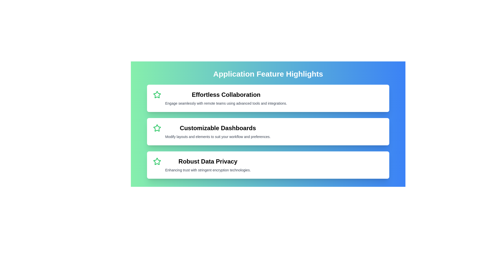  Describe the element at coordinates (226, 95) in the screenshot. I see `the headline text that serves as the title for the first feature section, located just below 'Application Feature Highlights'` at that location.